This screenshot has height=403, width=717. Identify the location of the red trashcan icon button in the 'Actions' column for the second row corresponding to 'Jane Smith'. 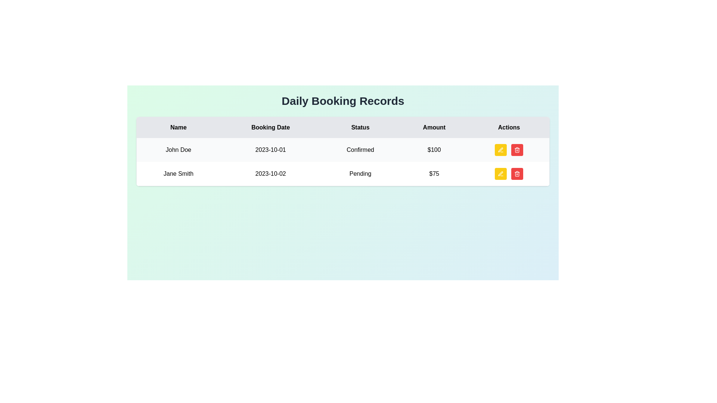
(517, 174).